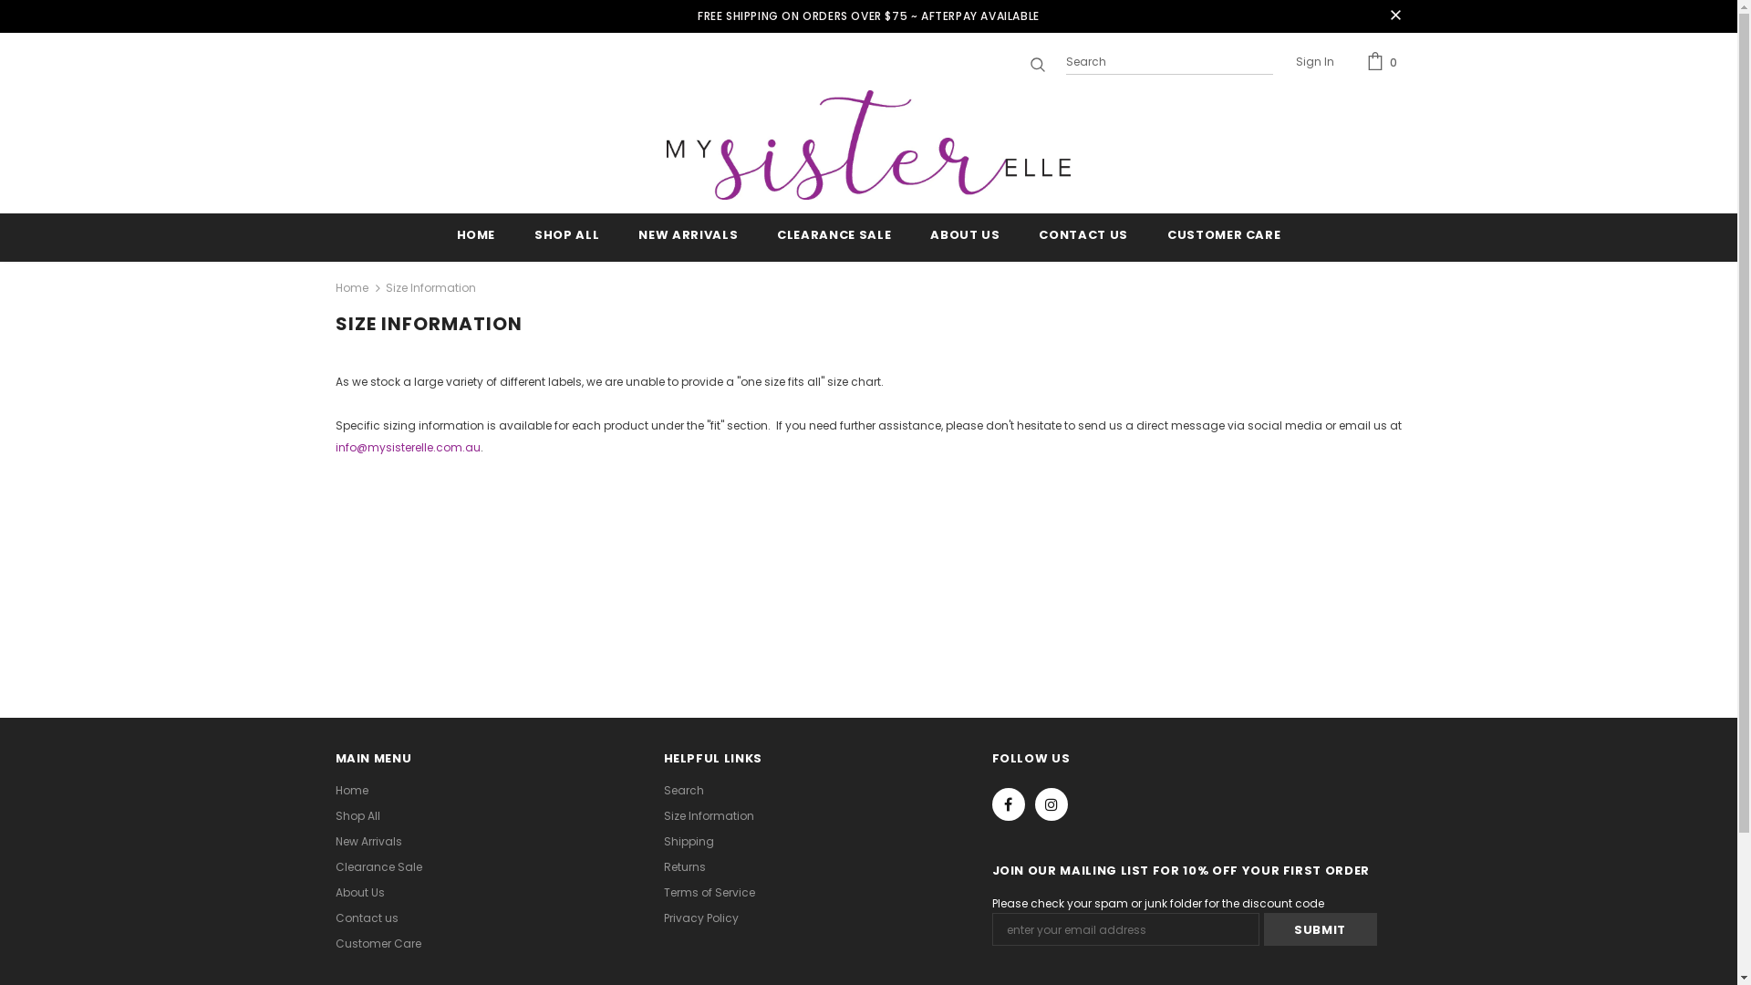  What do you see at coordinates (1313, 62) in the screenshot?
I see `'Sign In'` at bounding box center [1313, 62].